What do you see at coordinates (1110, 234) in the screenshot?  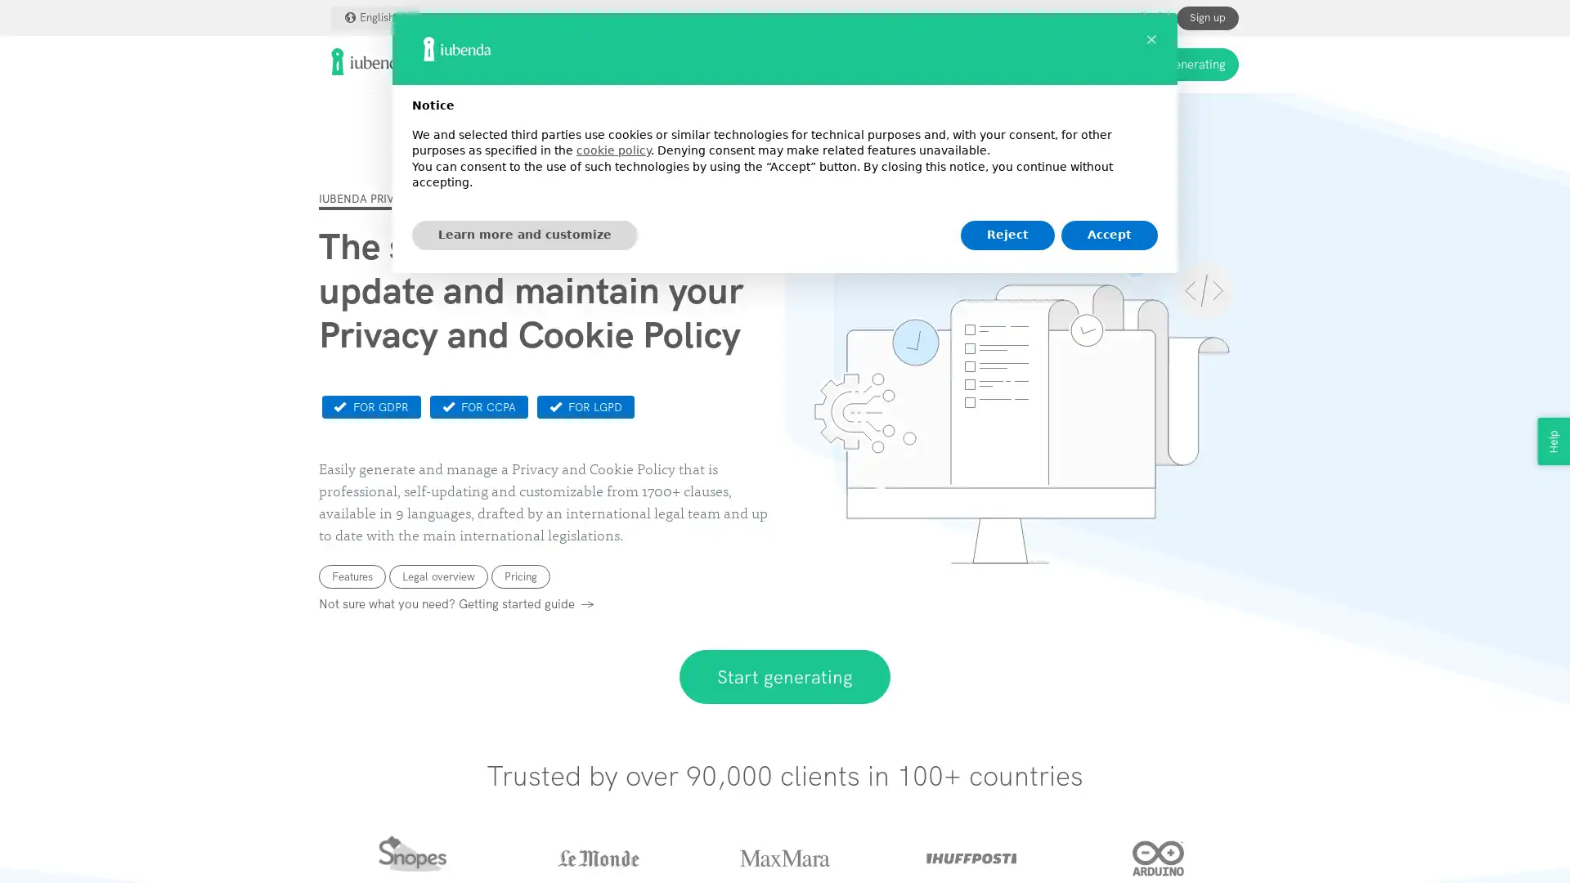 I see `Accept` at bounding box center [1110, 234].